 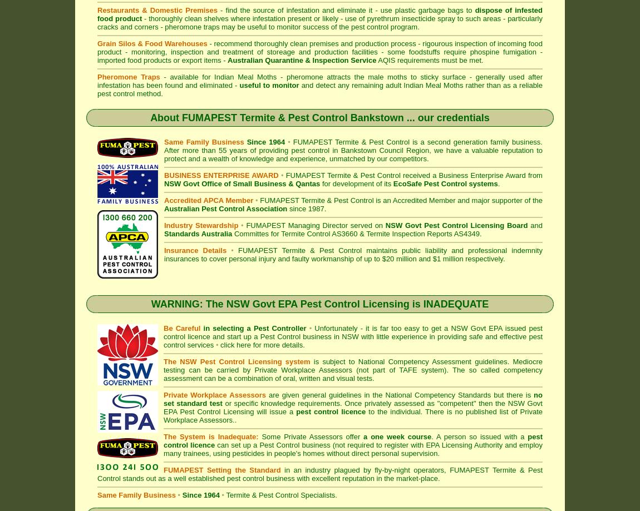 I want to click on 'NSW Govt EPA', so click(x=475, y=328).